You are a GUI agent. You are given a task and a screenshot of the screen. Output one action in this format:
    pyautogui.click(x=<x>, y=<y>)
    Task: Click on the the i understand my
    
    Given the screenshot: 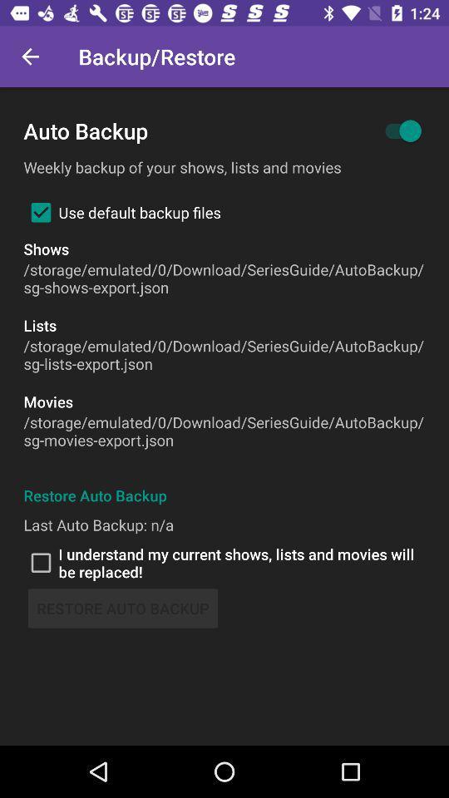 What is the action you would take?
    pyautogui.click(x=224, y=563)
    